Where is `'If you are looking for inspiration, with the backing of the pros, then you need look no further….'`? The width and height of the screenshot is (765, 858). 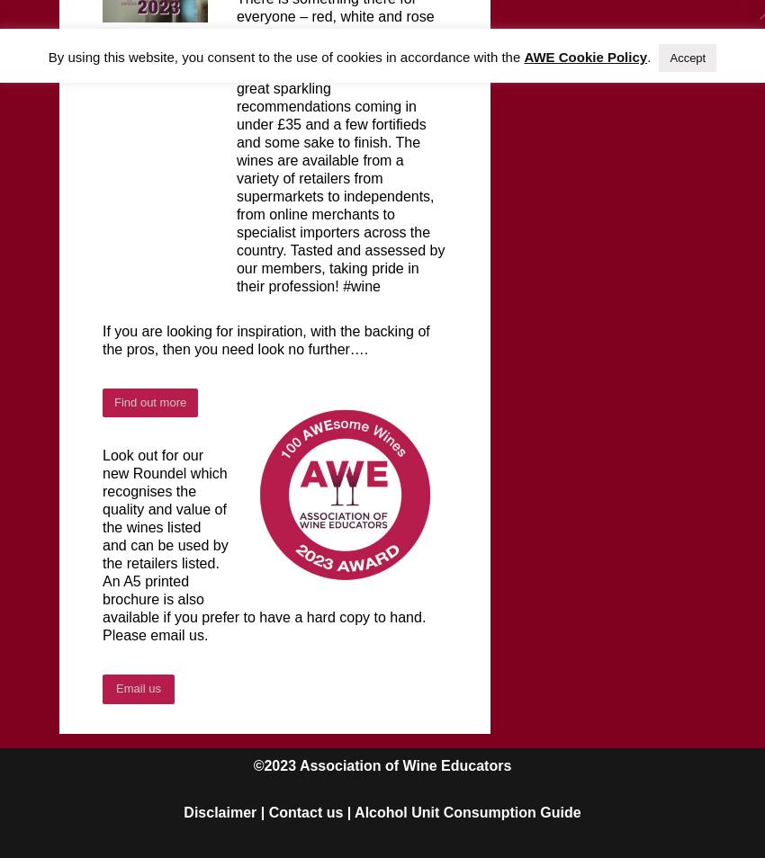
'If you are looking for inspiration, with the backing of the pros, then you need look no further….' is located at coordinates (265, 339).